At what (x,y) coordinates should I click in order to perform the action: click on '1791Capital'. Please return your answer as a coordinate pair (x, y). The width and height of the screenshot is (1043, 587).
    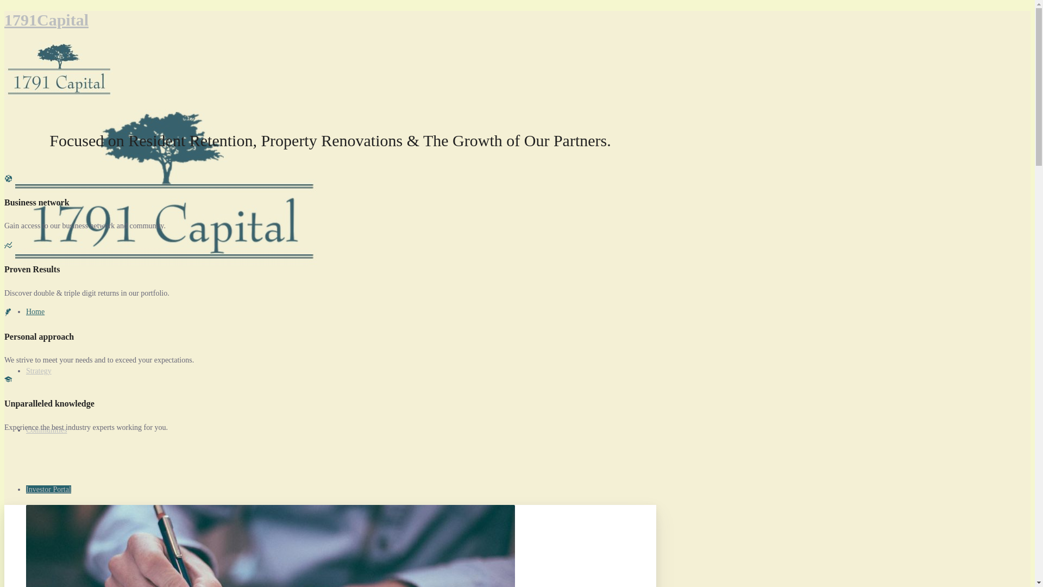
    Looking at the image, I should click on (46, 20).